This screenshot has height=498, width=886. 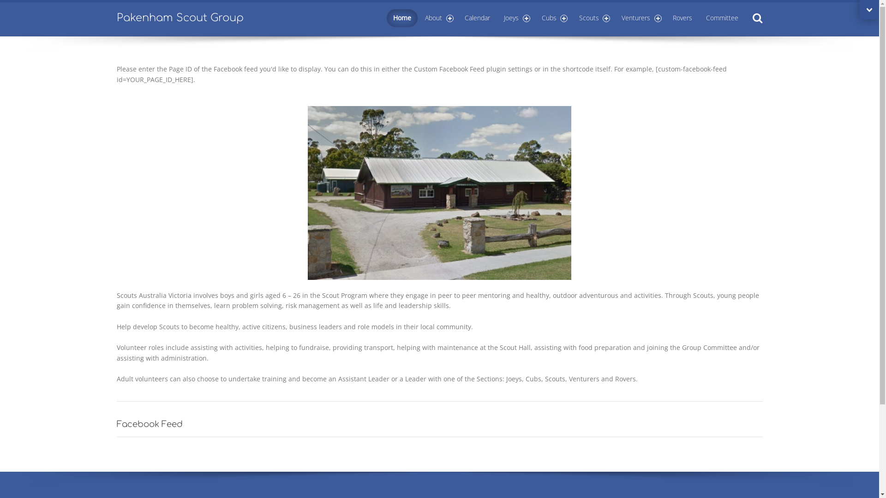 I want to click on 'Cubs', so click(x=553, y=18).